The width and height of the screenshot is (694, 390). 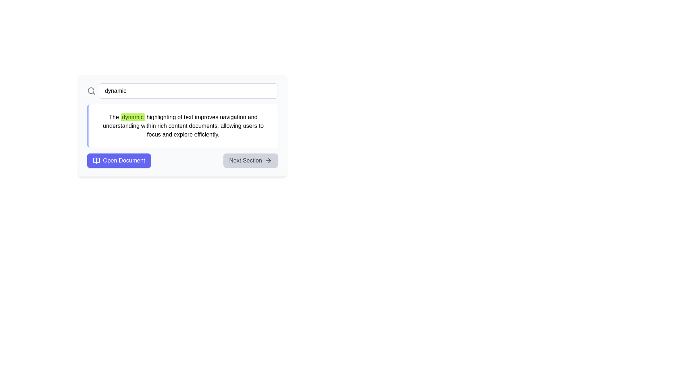 I want to click on the decorative icon that complements the 'Open Document' button located in the bottom-left section of the modal, so click(x=96, y=160).